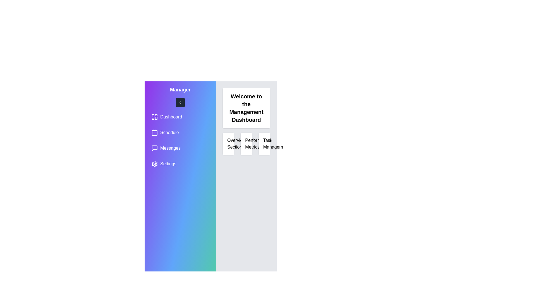 This screenshot has height=301, width=536. I want to click on the Static informational card with the text 'Overview Section', which is a rectangular card with a white background and rounded corners located in the first column of a three-column layout, so click(228, 144).